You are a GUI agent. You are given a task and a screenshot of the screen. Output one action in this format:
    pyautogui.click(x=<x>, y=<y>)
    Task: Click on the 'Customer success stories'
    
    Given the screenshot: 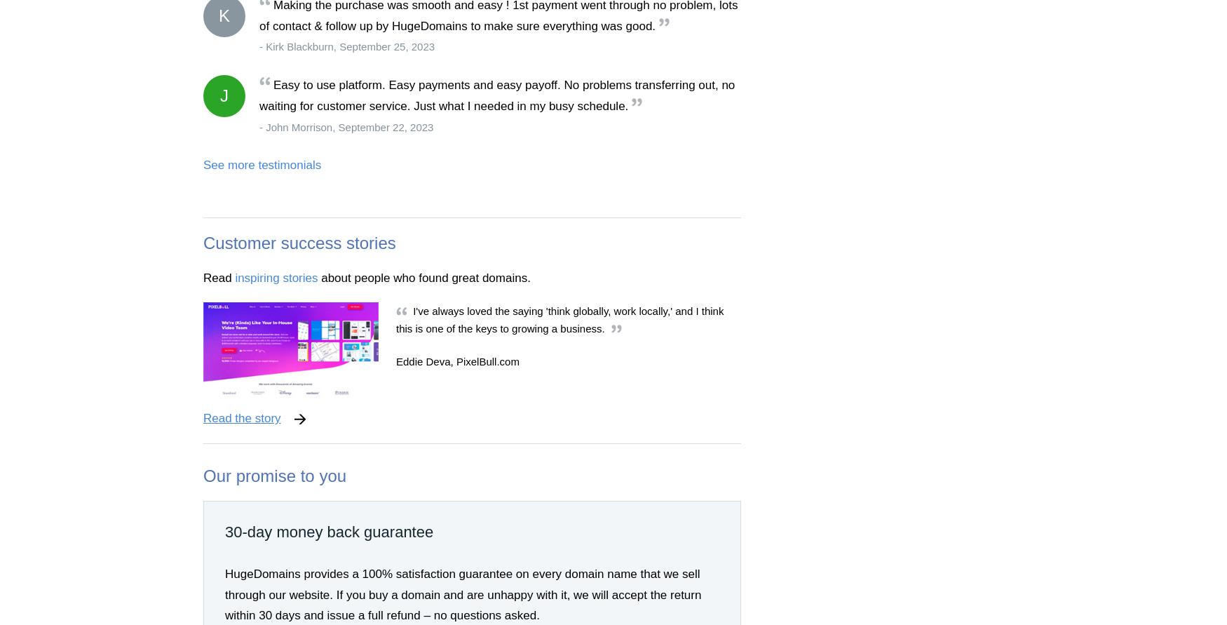 What is the action you would take?
    pyautogui.click(x=299, y=241)
    